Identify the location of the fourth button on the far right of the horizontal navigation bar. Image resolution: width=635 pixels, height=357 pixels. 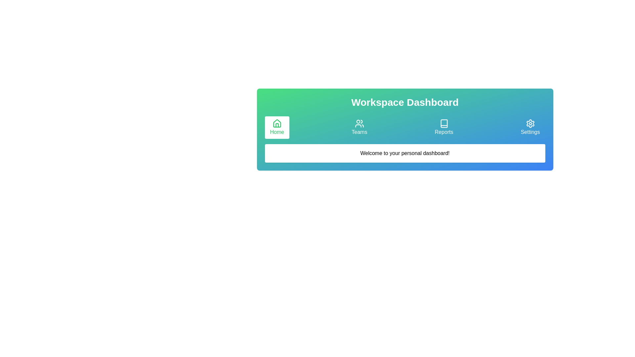
(530, 127).